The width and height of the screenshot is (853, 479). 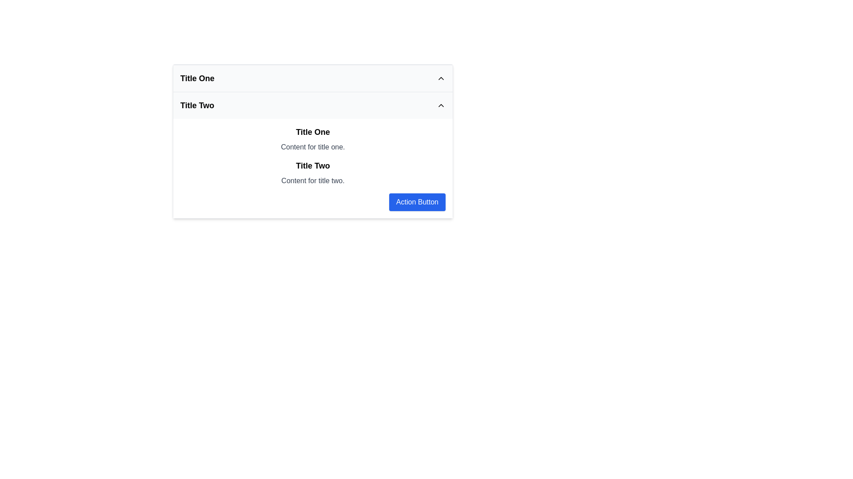 I want to click on the text element displaying the bold phrase 'Title Two' by moving the cursor to its center point, so click(x=313, y=166).